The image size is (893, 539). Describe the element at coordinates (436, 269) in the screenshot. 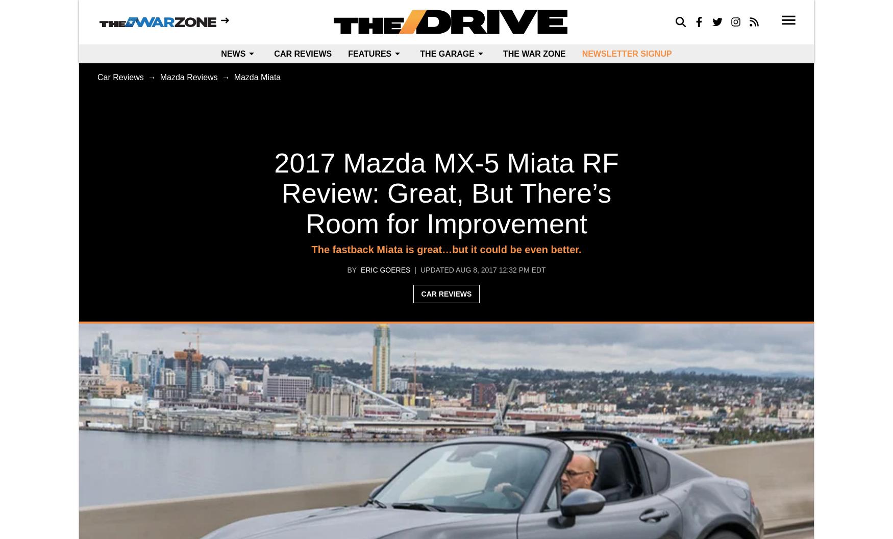

I see `'UPDATED'` at that location.